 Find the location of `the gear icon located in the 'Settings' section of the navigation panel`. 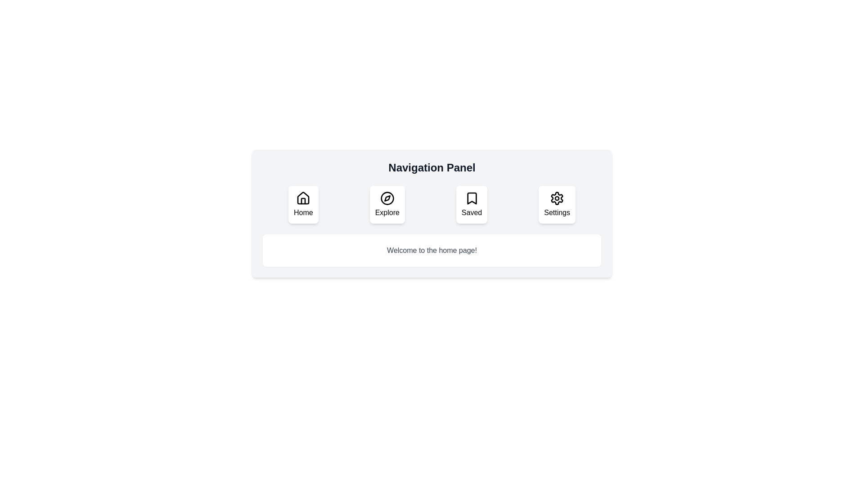

the gear icon located in the 'Settings' section of the navigation panel is located at coordinates (557, 198).